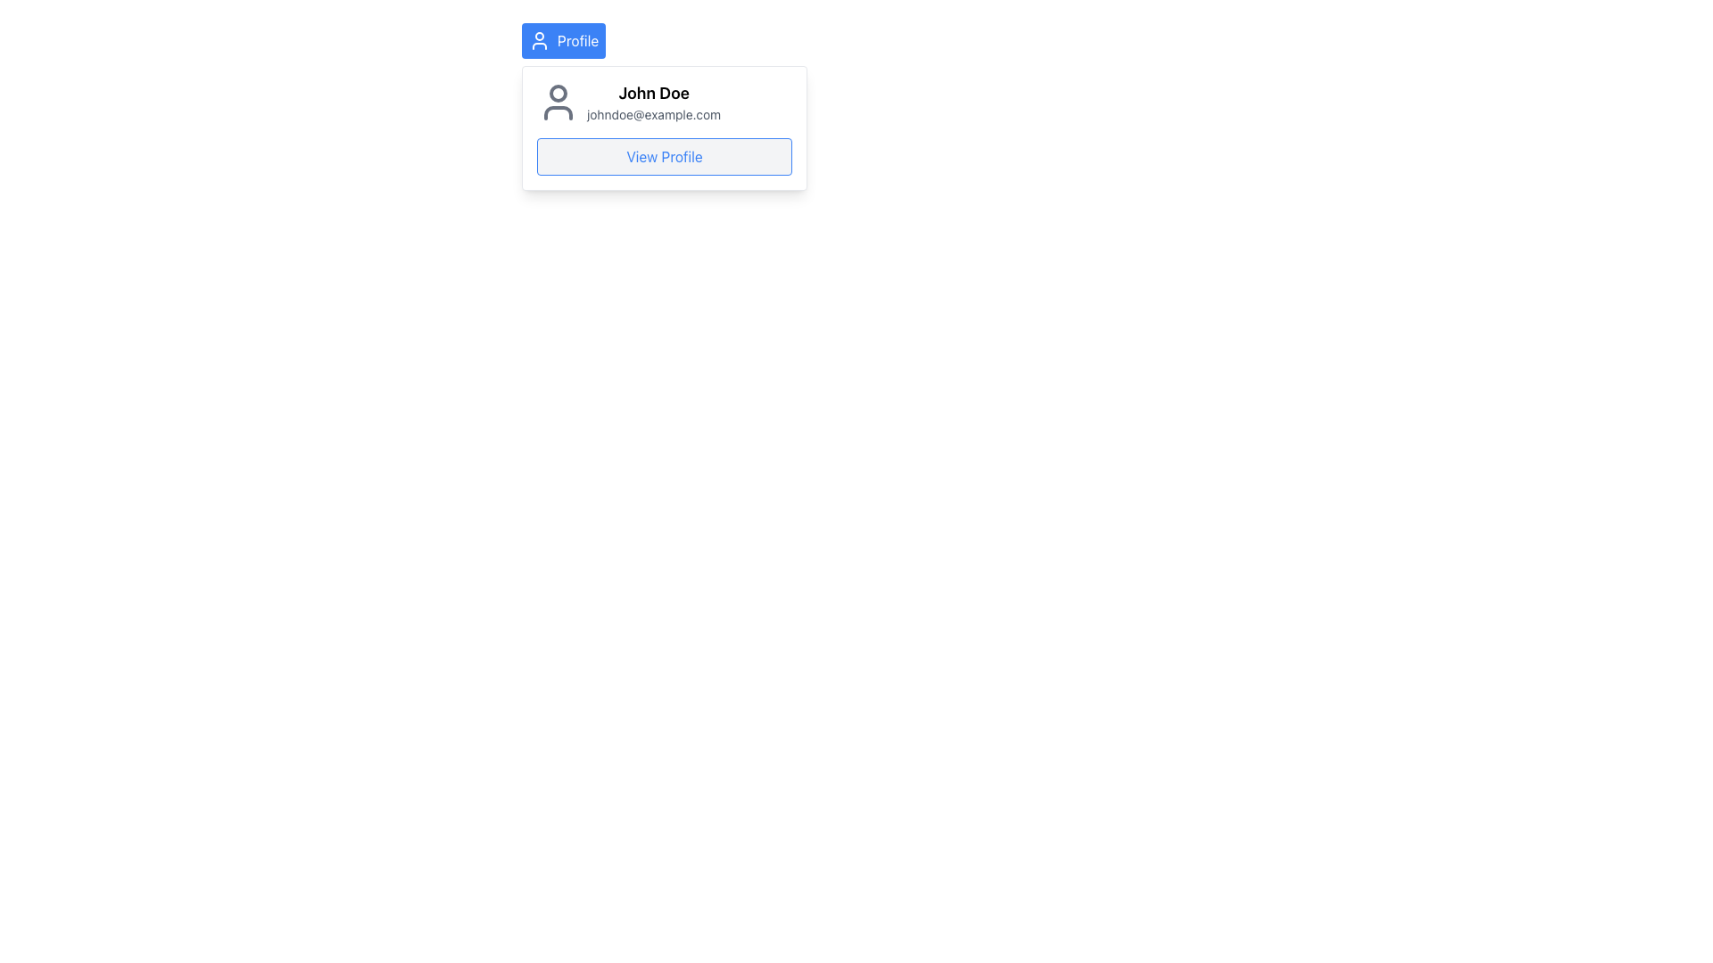  I want to click on the circular profile icon represented by the SVG Circle, located at the top-center of the user profile icon, so click(557, 93).